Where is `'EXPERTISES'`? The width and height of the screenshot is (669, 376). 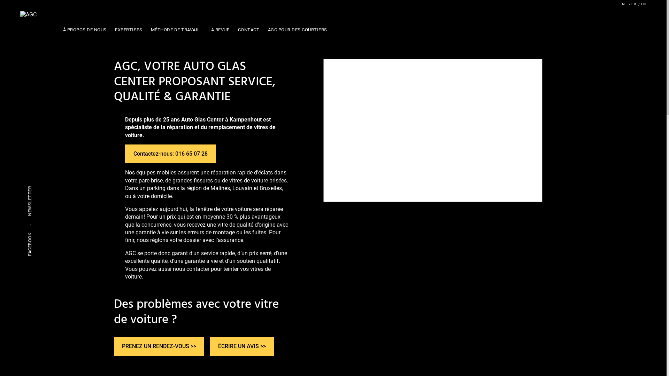
'EXPERTISES' is located at coordinates (129, 29).